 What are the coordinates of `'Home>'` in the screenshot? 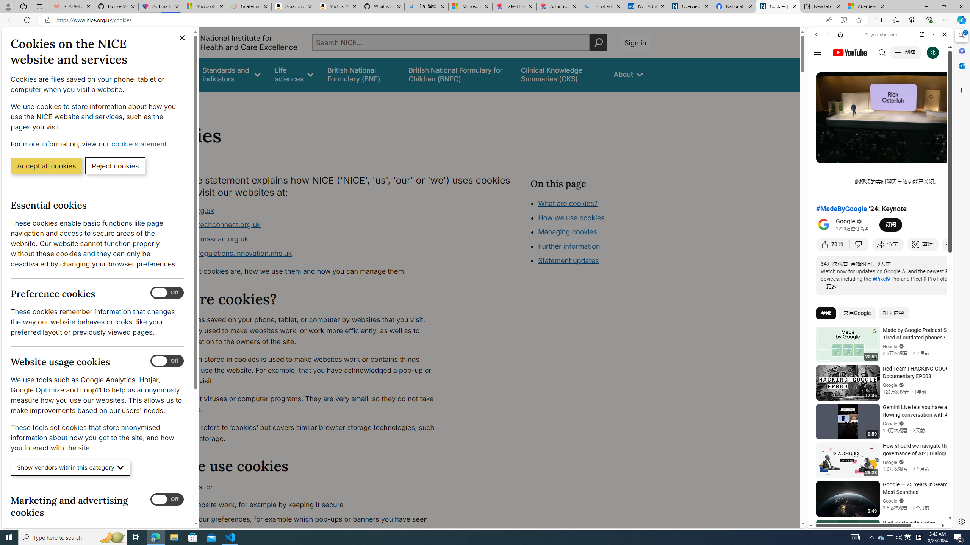 It's located at (164, 101).